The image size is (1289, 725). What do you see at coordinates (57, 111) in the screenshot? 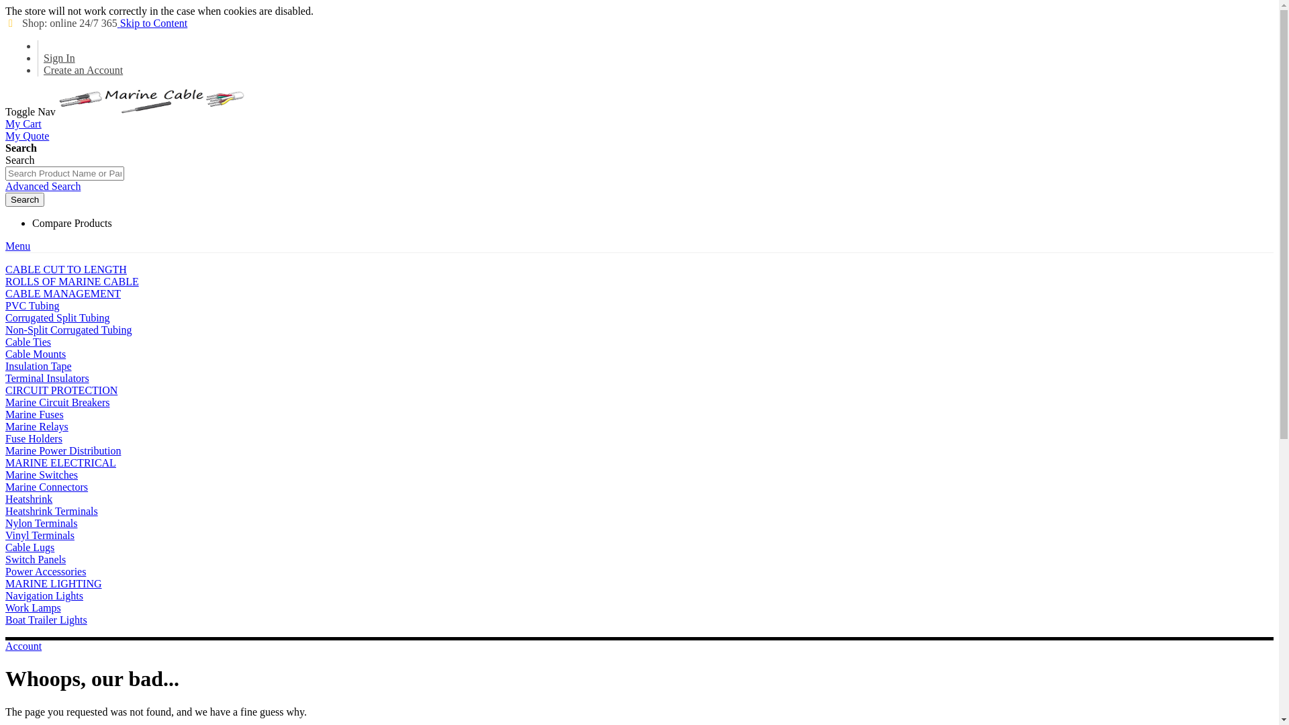
I see `'Marine Cable Supplied Worldwide'` at bounding box center [57, 111].